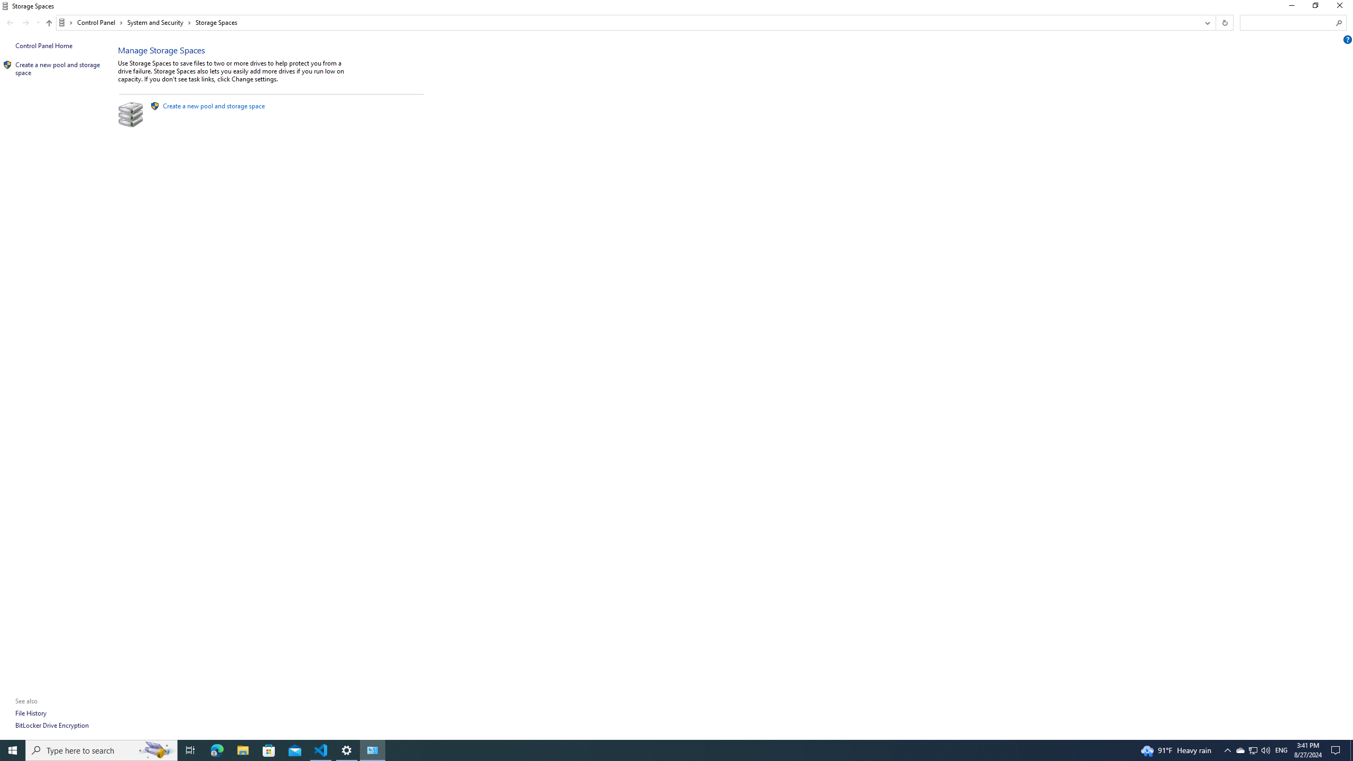 Image resolution: width=1353 pixels, height=761 pixels. Describe the element at coordinates (99, 22) in the screenshot. I see `'Control Panel'` at that location.